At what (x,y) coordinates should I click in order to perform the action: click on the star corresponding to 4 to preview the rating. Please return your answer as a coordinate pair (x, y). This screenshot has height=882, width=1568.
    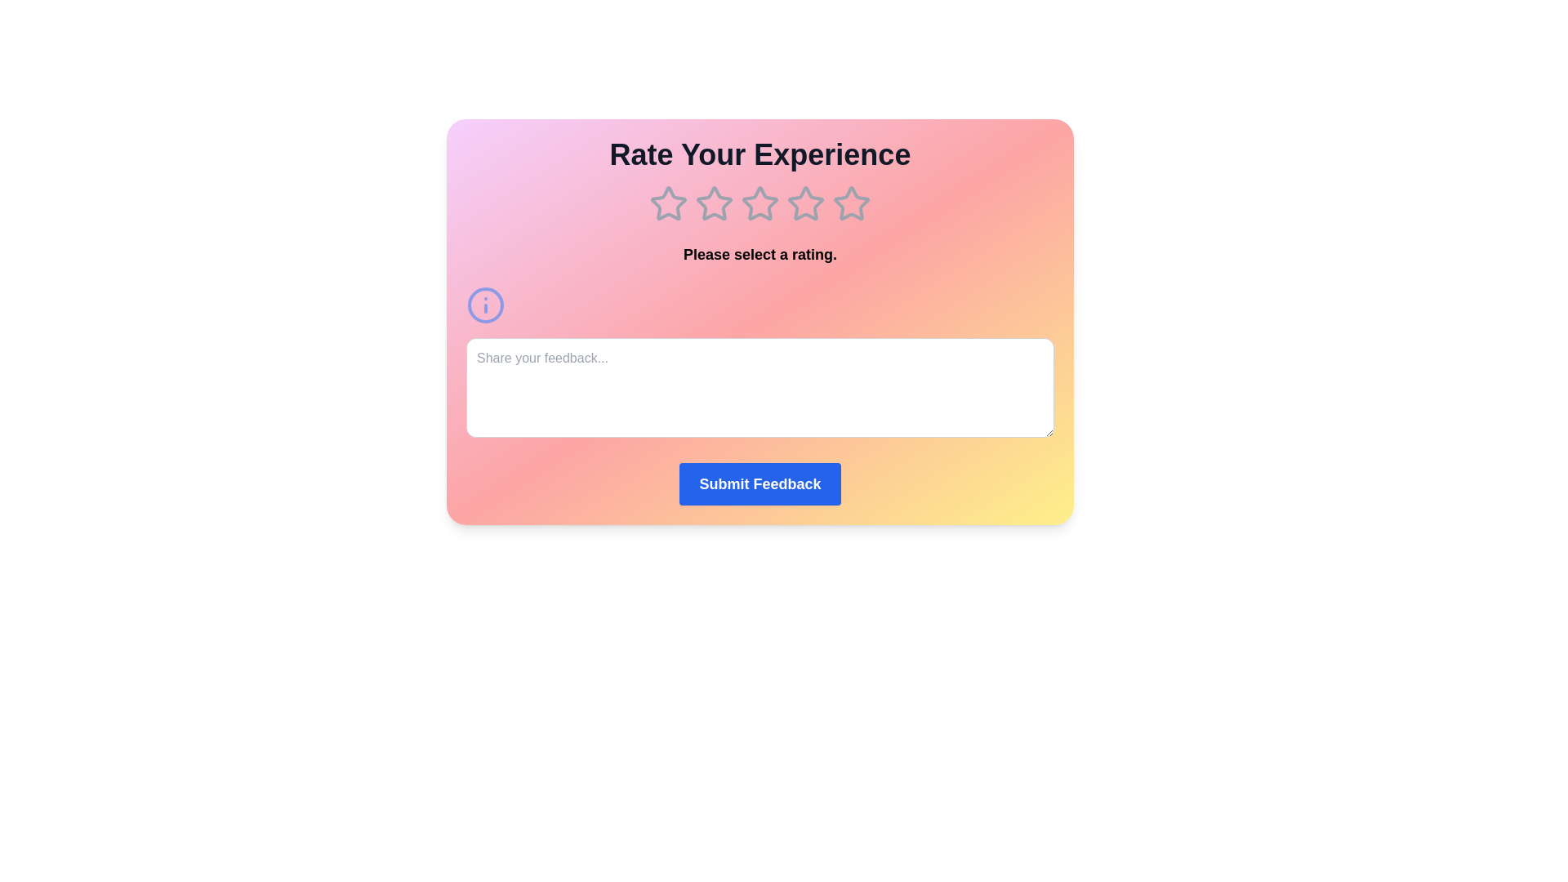
    Looking at the image, I should click on (806, 203).